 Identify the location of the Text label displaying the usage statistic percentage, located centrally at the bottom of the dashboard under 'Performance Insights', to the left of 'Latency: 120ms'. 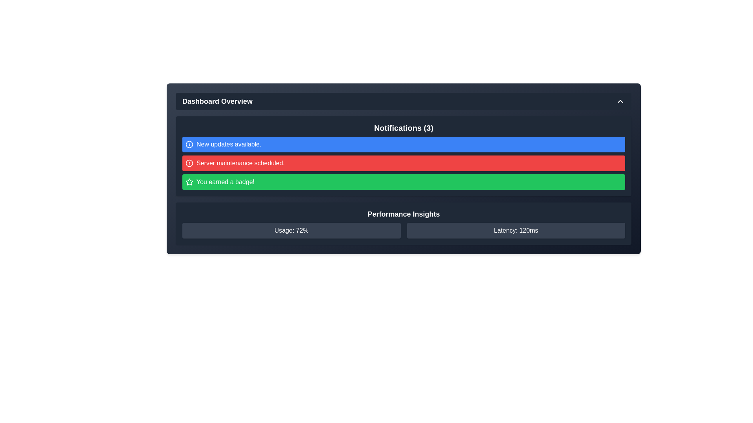
(291, 230).